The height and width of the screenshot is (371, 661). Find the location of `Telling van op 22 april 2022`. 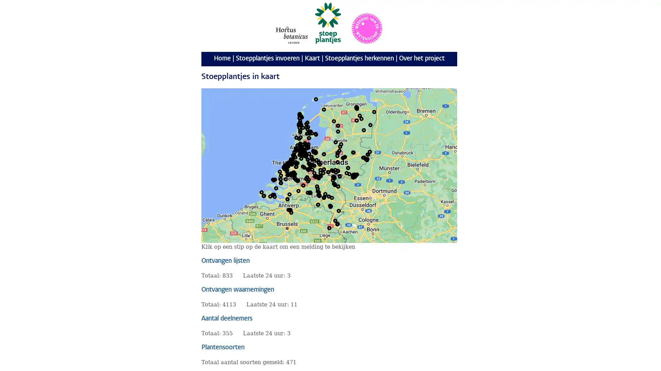

Telling van op 22 april 2022 is located at coordinates (308, 168).